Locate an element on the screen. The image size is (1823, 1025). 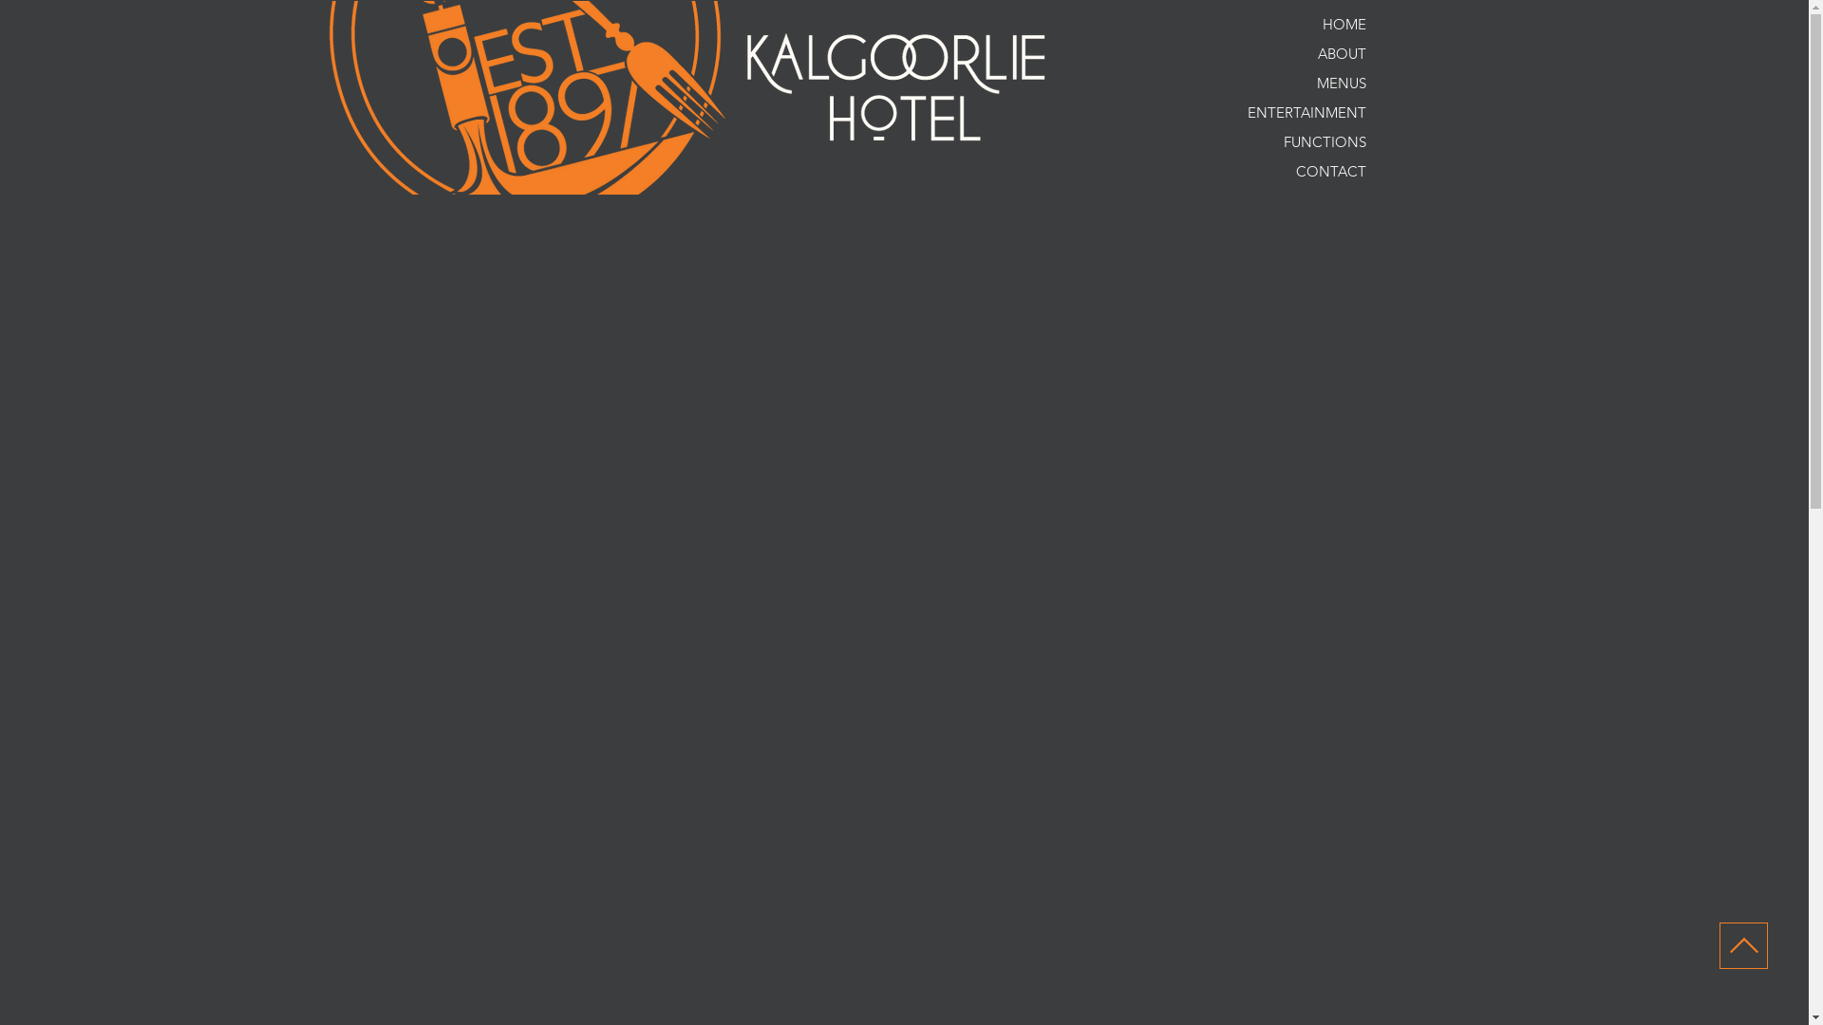
'HOME' is located at coordinates (1205, 24).